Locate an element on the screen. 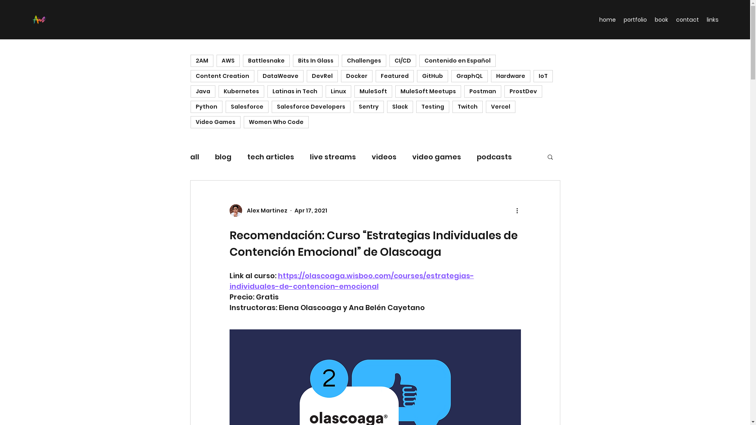 Image resolution: width=756 pixels, height=425 pixels. 'Challenges' is located at coordinates (342, 60).